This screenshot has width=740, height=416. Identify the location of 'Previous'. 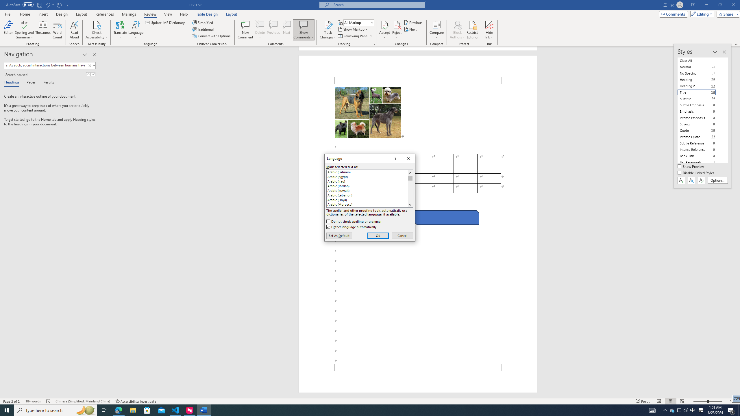
(413, 22).